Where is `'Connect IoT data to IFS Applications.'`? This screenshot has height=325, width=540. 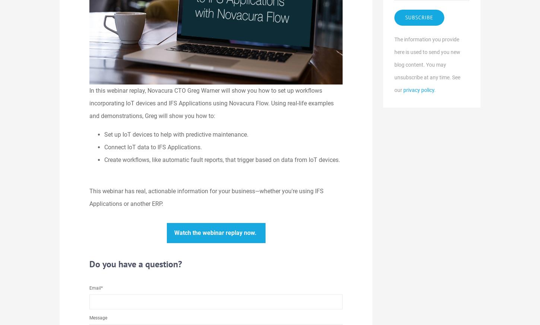 'Connect IoT data to IFS Applications.' is located at coordinates (152, 146).